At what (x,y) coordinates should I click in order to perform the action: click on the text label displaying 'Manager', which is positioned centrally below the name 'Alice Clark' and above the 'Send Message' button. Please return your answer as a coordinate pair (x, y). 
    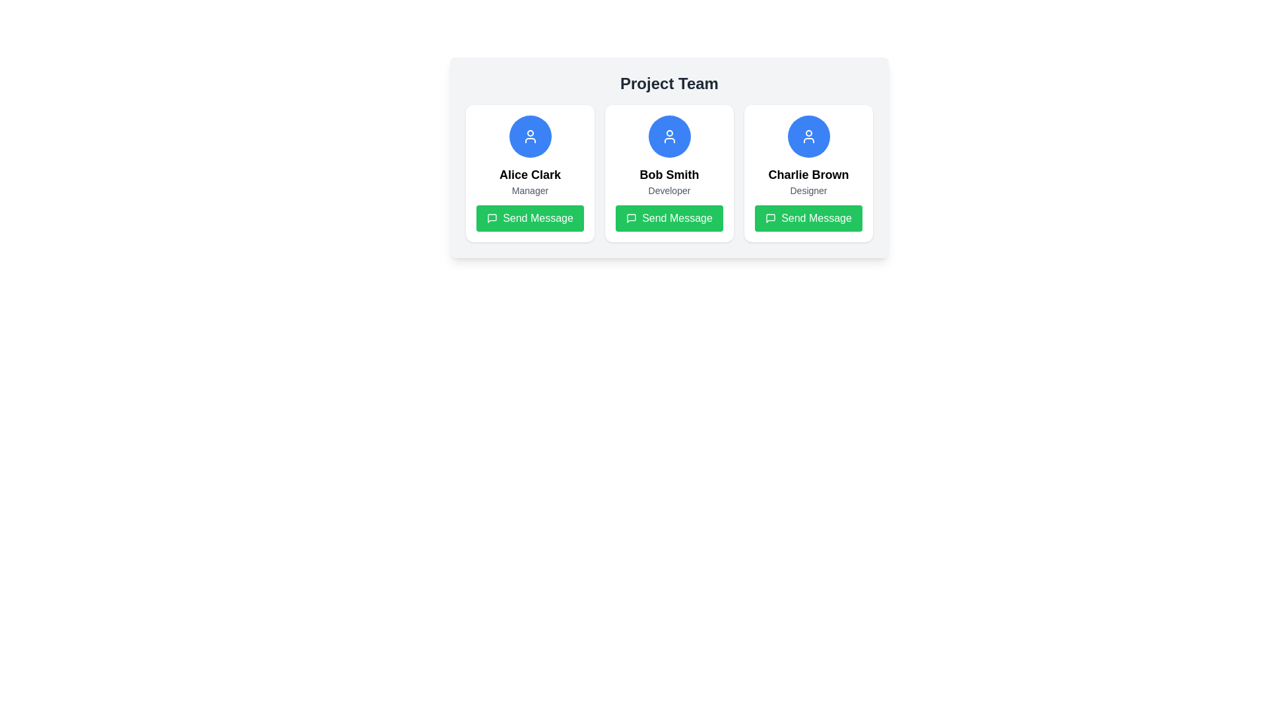
    Looking at the image, I should click on (530, 191).